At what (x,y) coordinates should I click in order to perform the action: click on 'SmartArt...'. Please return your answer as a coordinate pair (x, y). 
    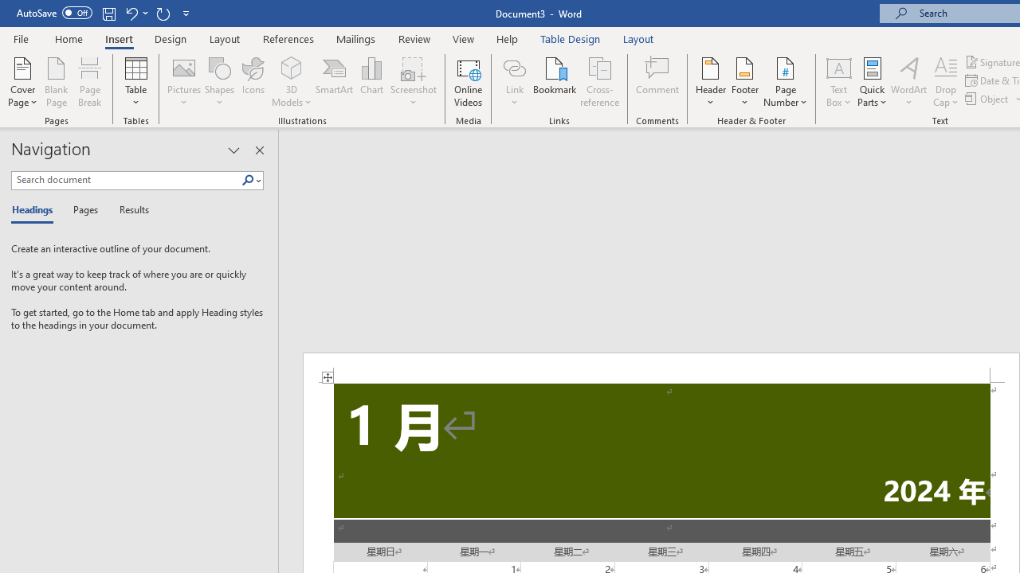
    Looking at the image, I should click on (333, 82).